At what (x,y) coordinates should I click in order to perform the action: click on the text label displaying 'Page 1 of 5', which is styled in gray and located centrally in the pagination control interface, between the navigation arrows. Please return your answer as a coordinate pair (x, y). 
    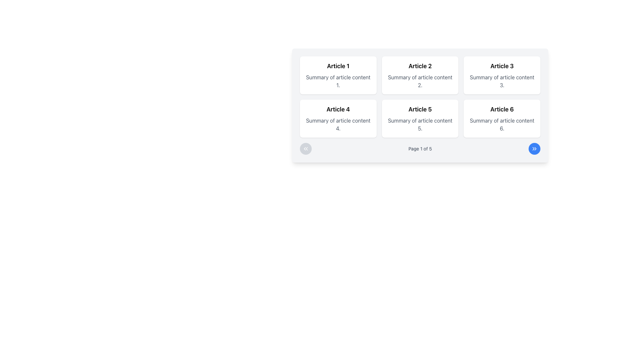
    Looking at the image, I should click on (420, 149).